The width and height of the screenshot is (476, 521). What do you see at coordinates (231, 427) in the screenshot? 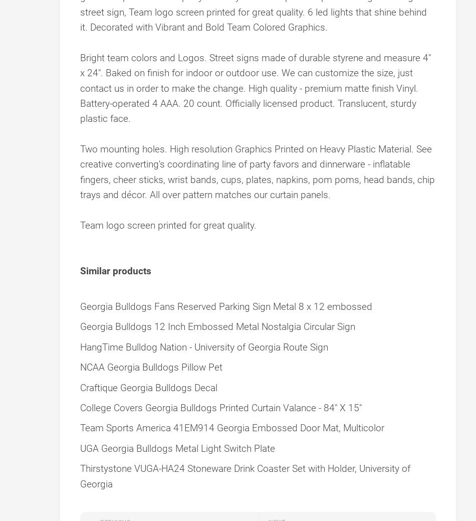
I see `'Team Sports America 41EM914 Georgia Embossed Door Mat, Multicolor'` at bounding box center [231, 427].